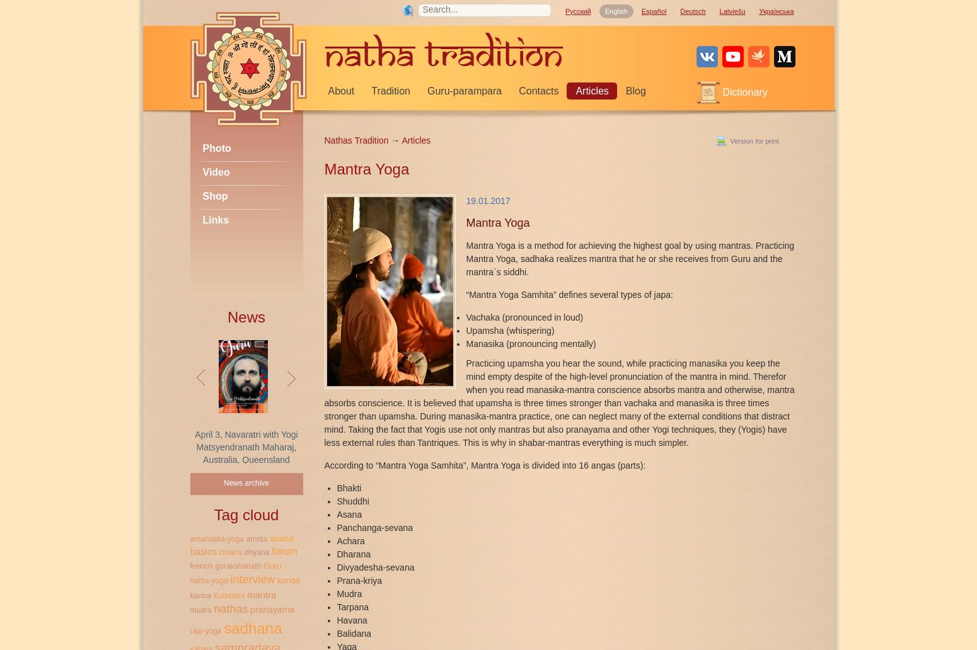 The width and height of the screenshot is (977, 650). What do you see at coordinates (202, 147) in the screenshot?
I see `'Photo'` at bounding box center [202, 147].